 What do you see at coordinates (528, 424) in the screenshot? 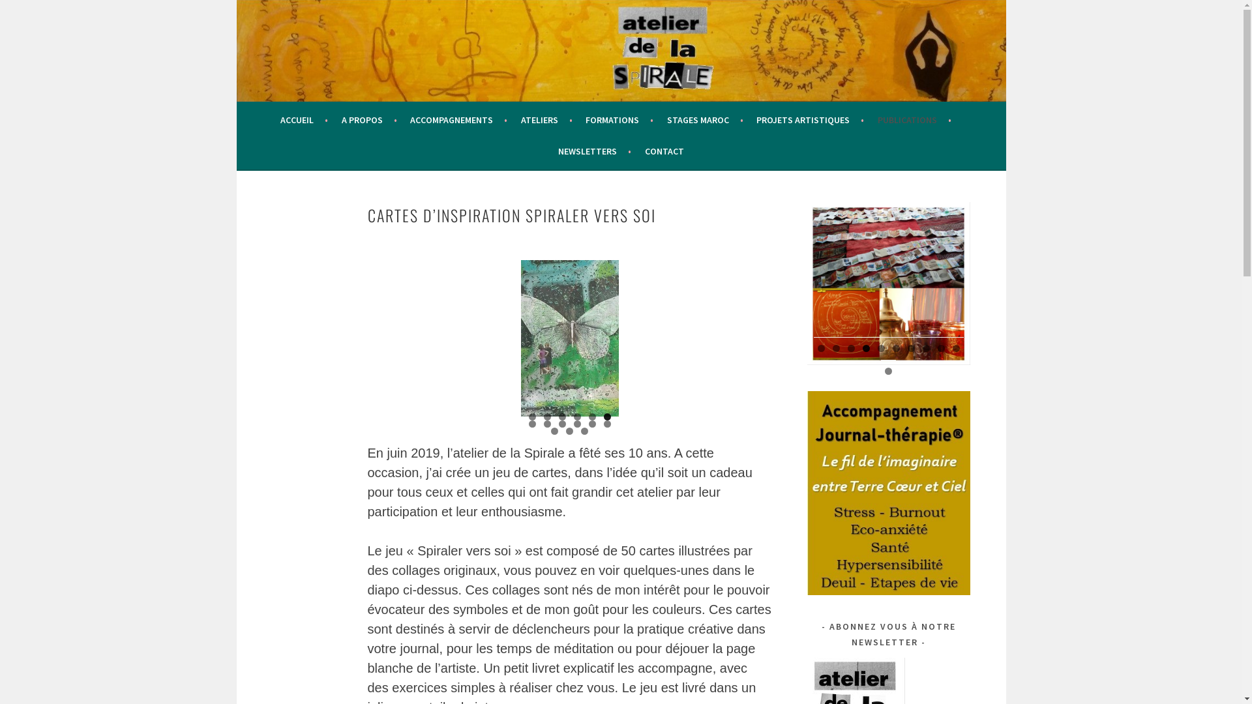
I see `'7'` at bounding box center [528, 424].